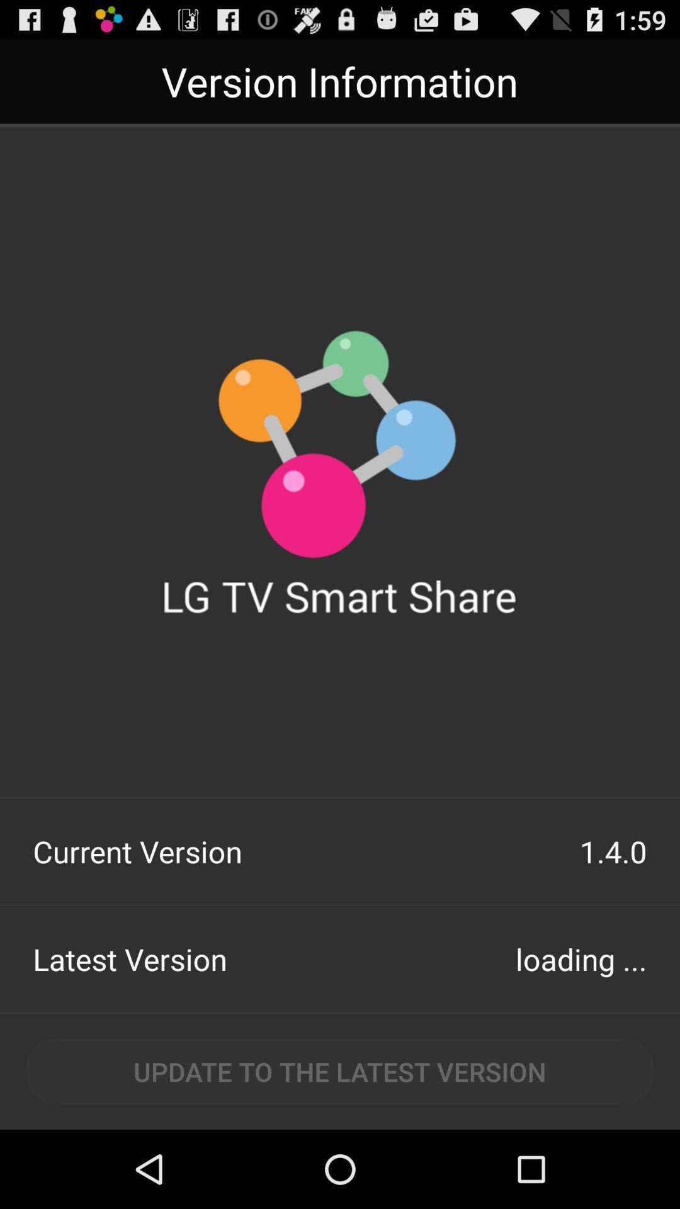 This screenshot has width=680, height=1209. I want to click on the update to the, so click(340, 1070).